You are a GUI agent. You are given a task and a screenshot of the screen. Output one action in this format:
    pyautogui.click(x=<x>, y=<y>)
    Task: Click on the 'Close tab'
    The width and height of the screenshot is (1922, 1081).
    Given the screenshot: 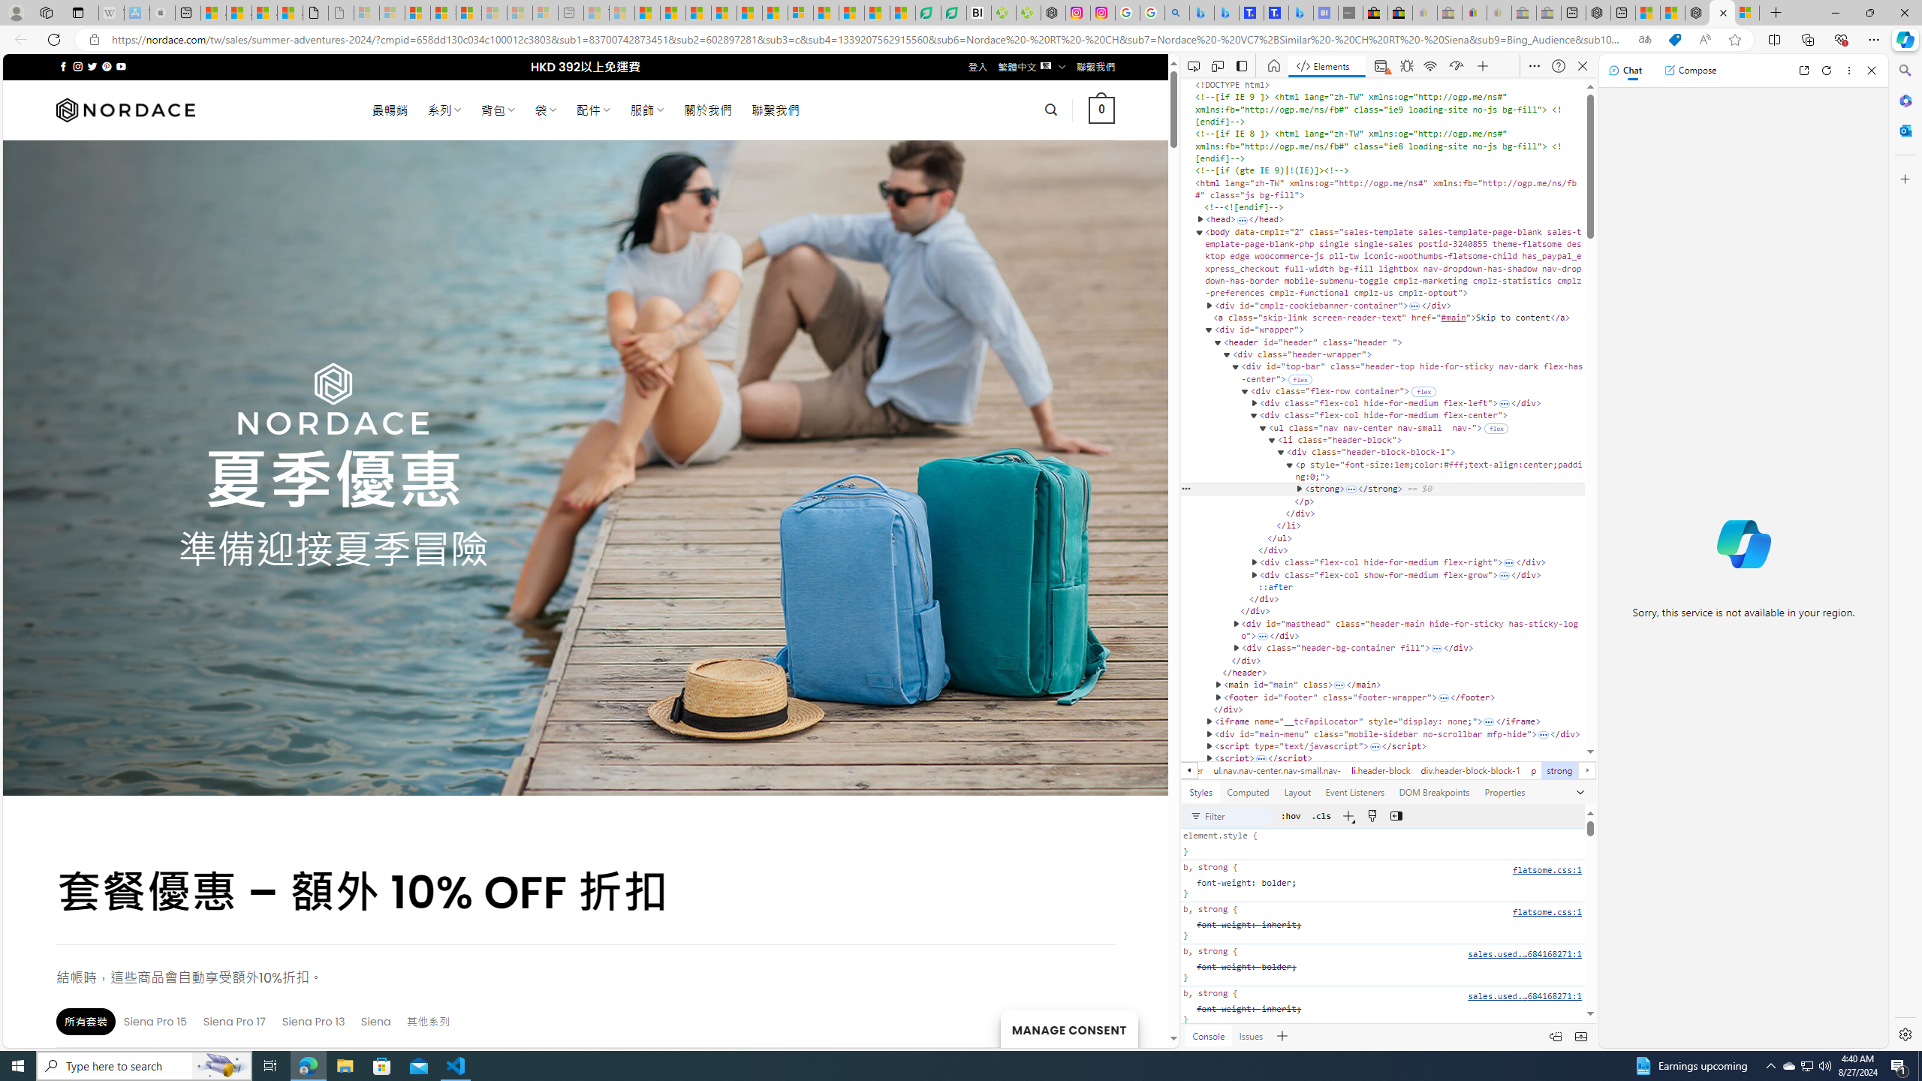 What is the action you would take?
    pyautogui.click(x=1723, y=12)
    